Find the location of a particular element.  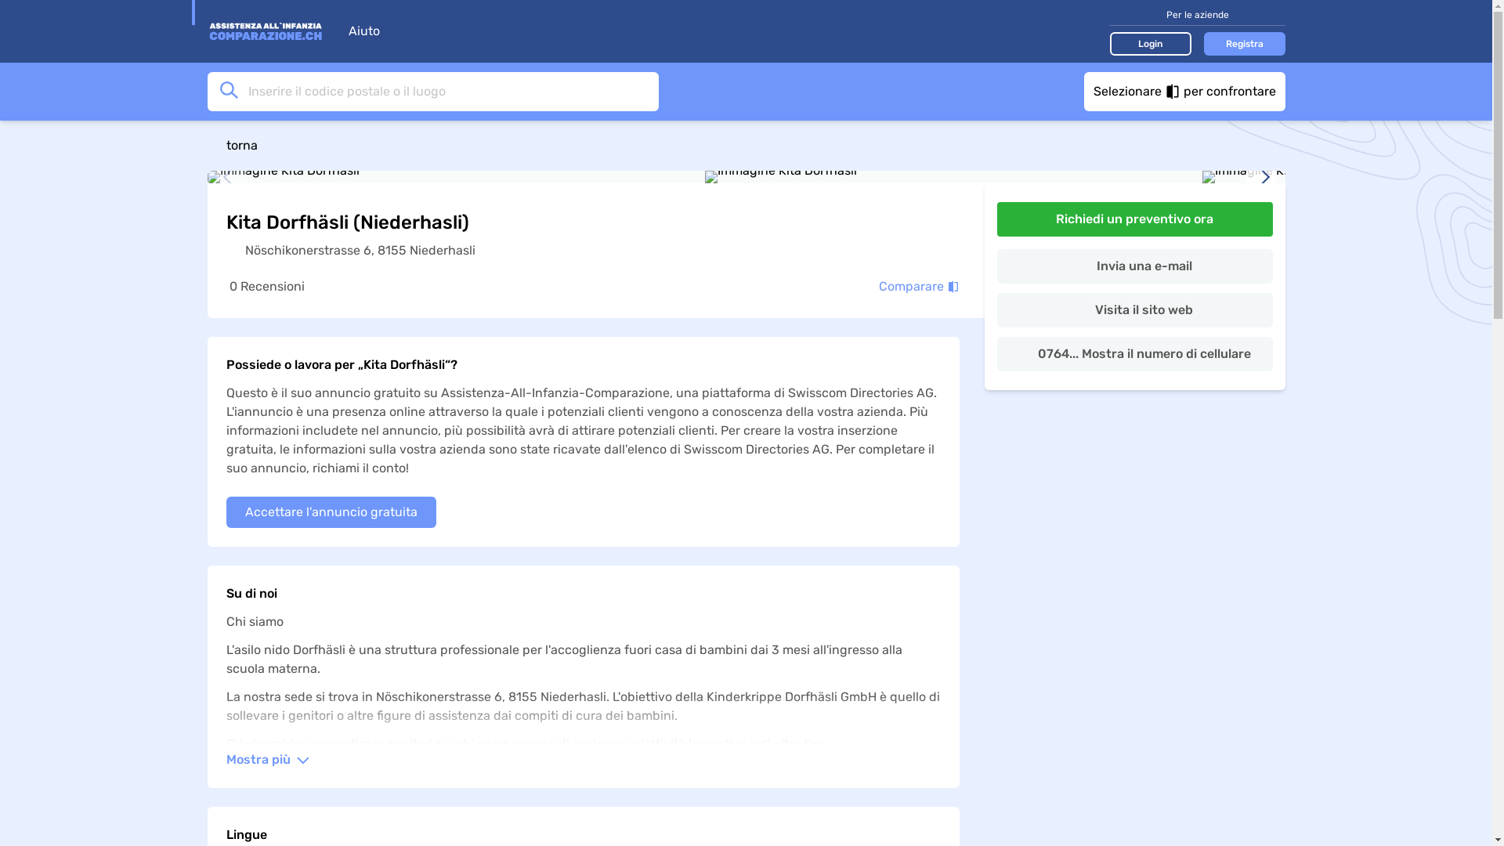

'Selezionare is located at coordinates (1184, 91).